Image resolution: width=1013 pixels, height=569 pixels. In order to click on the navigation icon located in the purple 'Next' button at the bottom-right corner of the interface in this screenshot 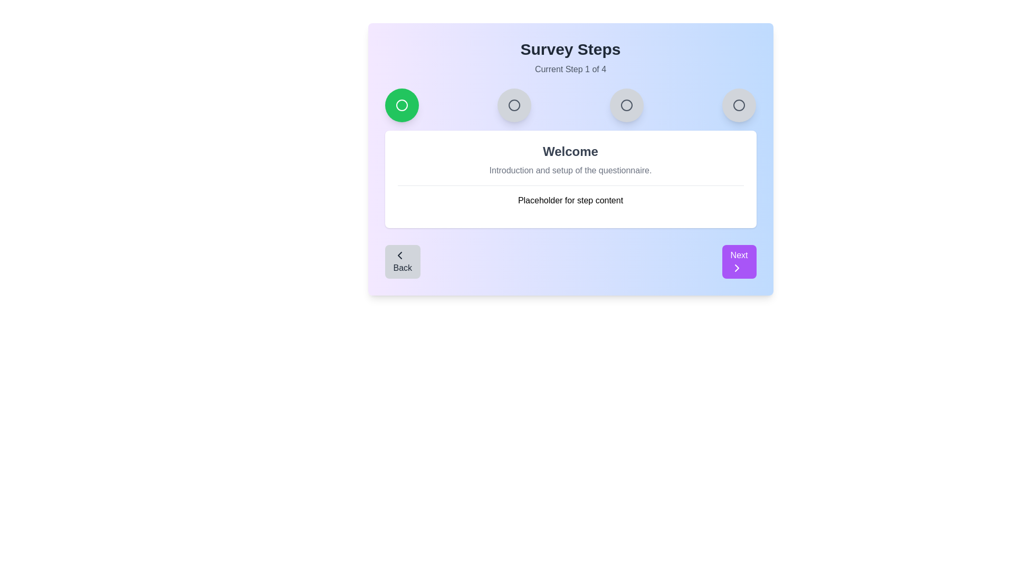, I will do `click(736, 268)`.